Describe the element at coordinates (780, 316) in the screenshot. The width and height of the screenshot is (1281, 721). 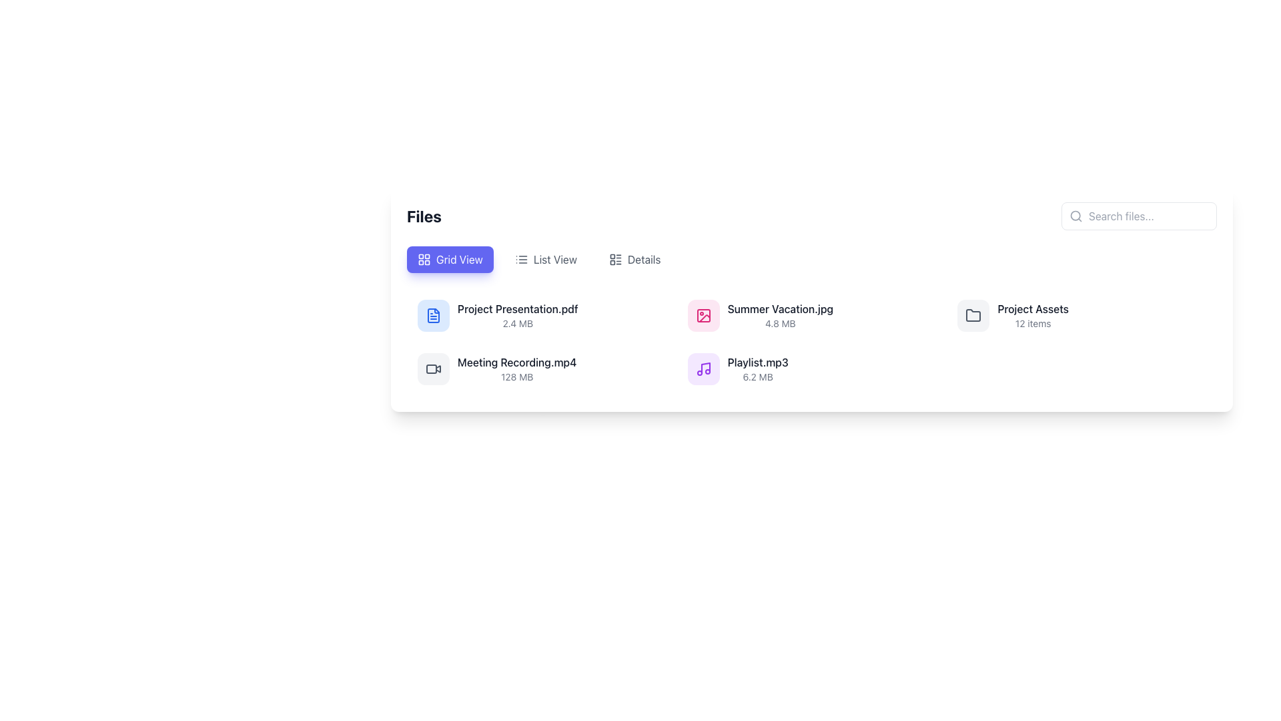
I see `the file information display for 'Summer Vacation.jpg'` at that location.